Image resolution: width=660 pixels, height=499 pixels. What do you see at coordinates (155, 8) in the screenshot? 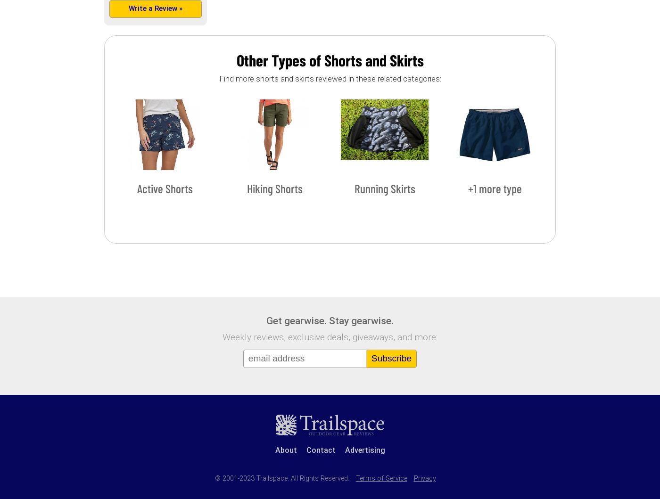
I see `'Write a Review »'` at bounding box center [155, 8].